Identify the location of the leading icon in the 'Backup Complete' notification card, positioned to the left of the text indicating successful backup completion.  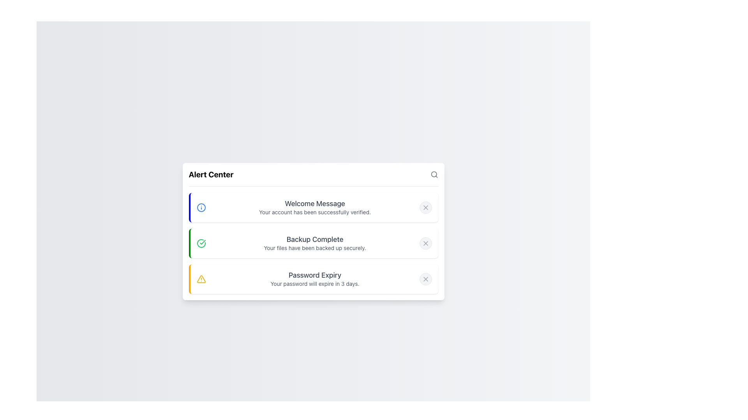
(201, 243).